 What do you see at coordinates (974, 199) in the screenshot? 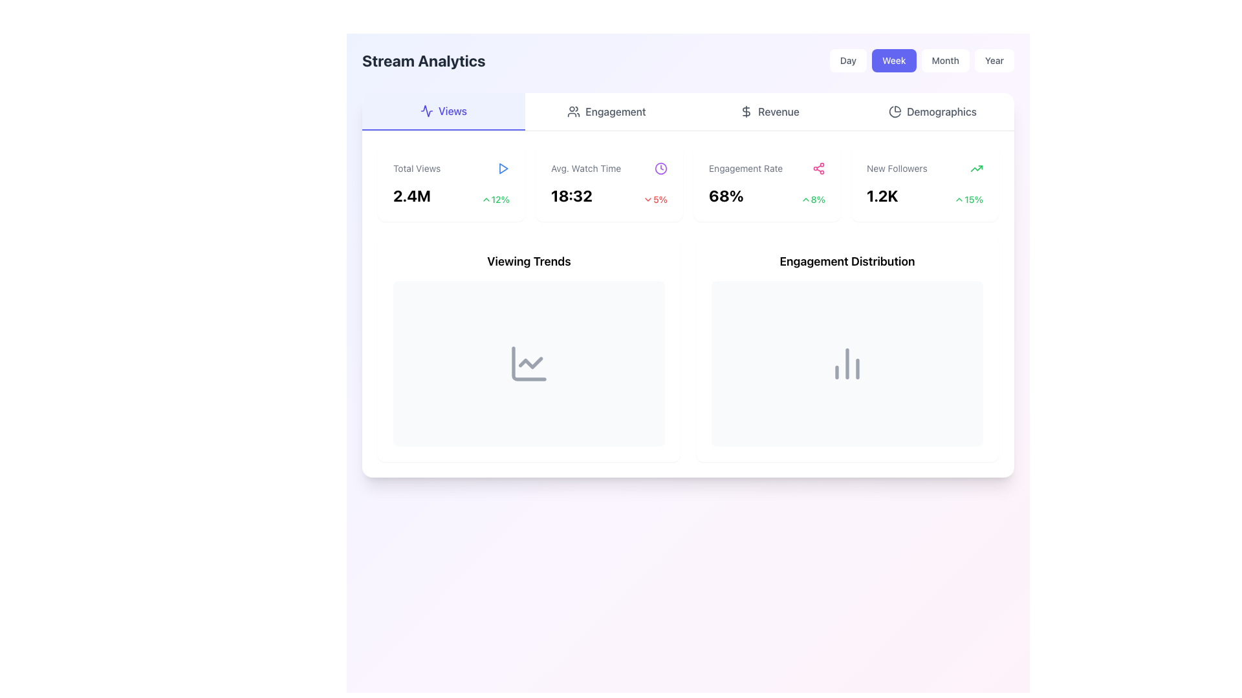
I see `the static text label displaying '15%' in green, which indicates positive growth and is part of the 'New Followers' card` at bounding box center [974, 199].